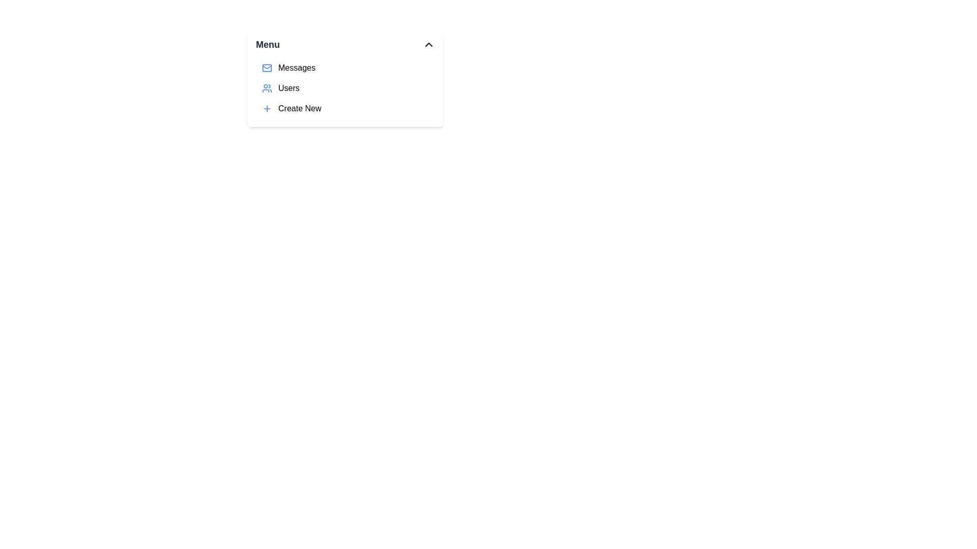 This screenshot has width=977, height=549. Describe the element at coordinates (296, 68) in the screenshot. I see `the text label 'Messages' which is styled in a clear sans-serif font and is part of the navigation menu adjacent to a mail icon` at that location.